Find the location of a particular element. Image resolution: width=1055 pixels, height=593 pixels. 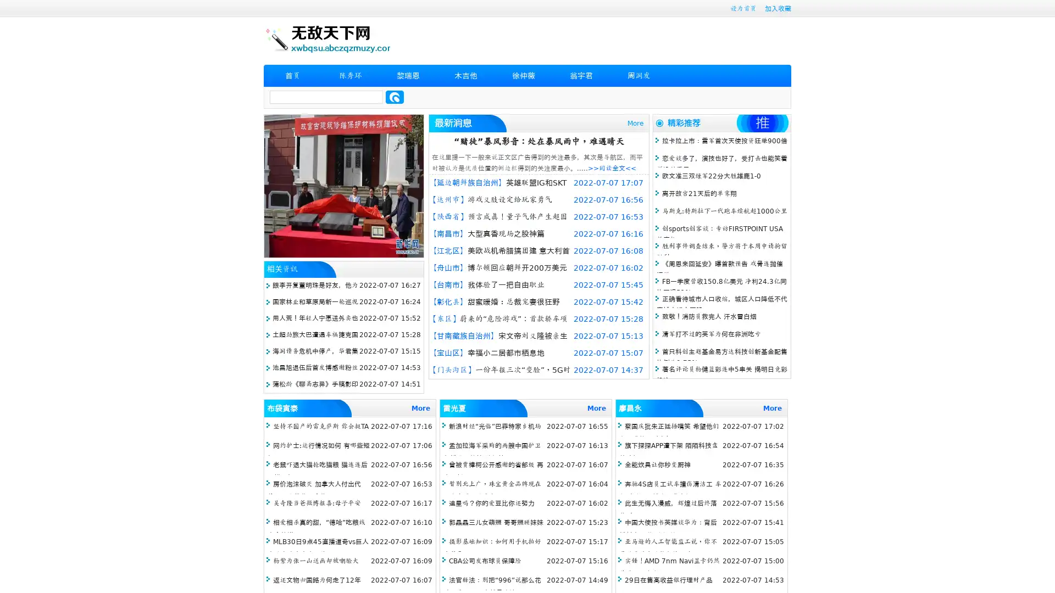

Search is located at coordinates (395, 97).